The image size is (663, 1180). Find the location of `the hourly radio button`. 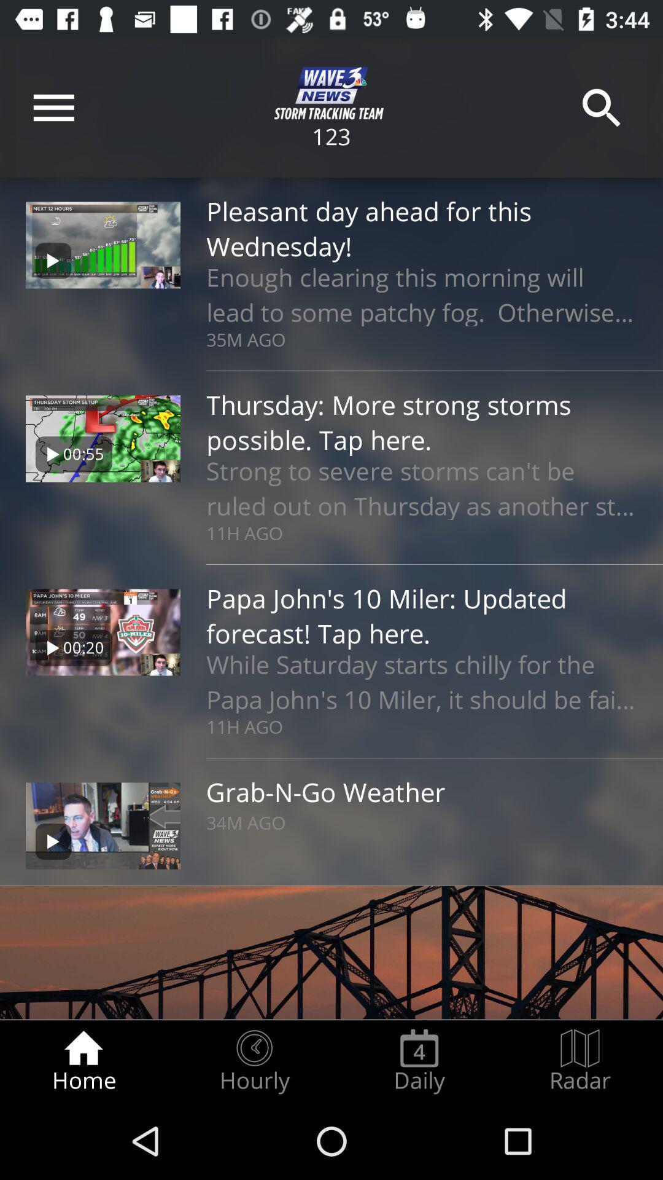

the hourly radio button is located at coordinates (254, 1061).